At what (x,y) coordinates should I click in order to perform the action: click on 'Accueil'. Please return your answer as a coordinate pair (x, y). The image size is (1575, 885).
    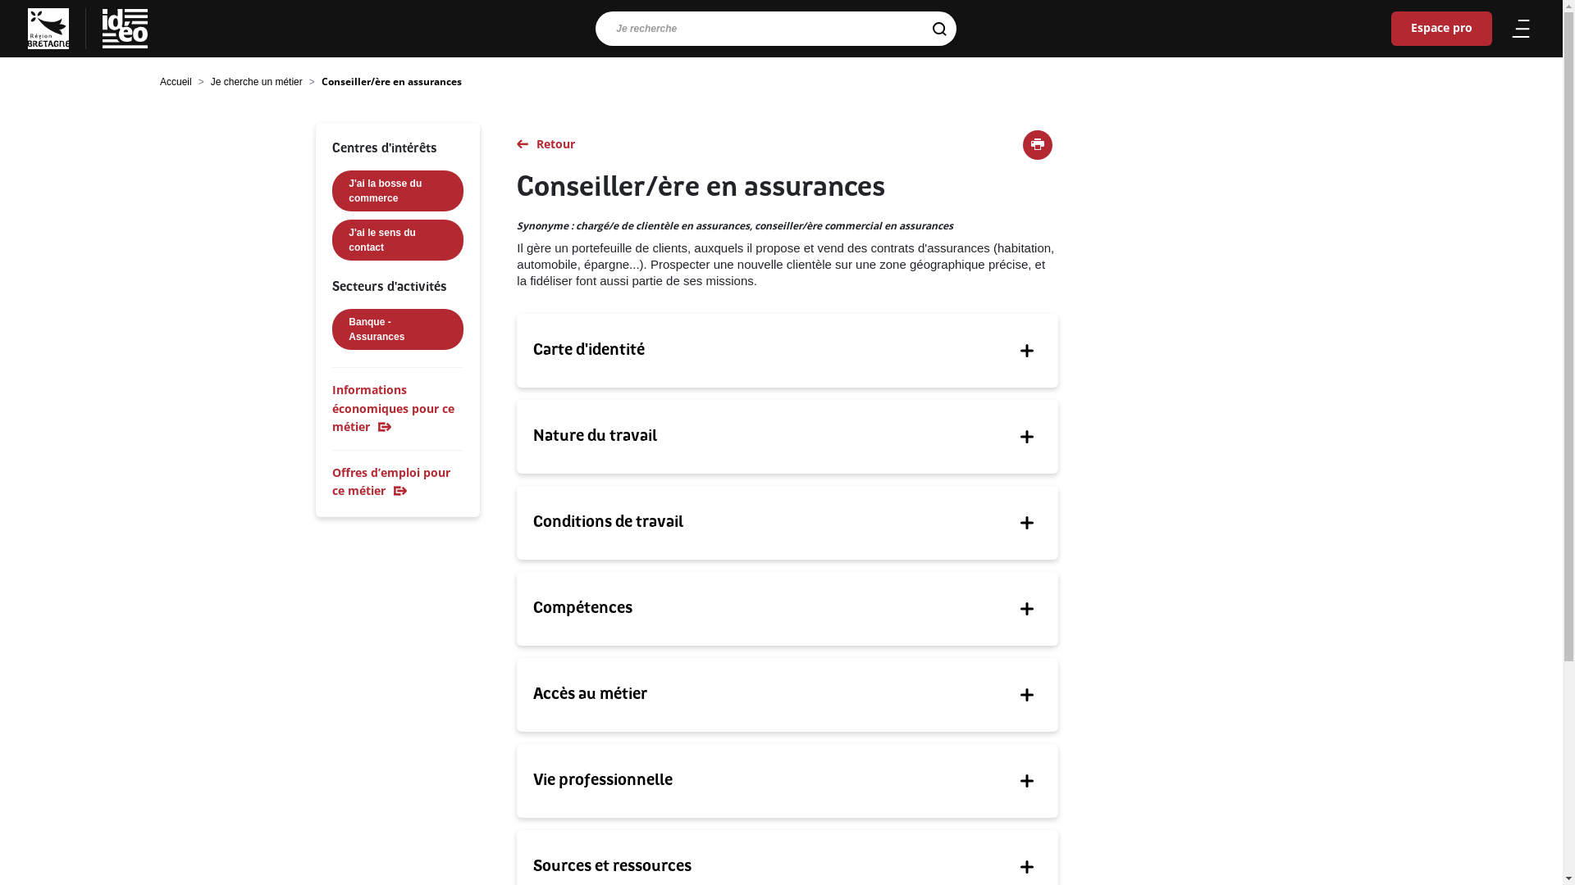
    Looking at the image, I should click on (176, 82).